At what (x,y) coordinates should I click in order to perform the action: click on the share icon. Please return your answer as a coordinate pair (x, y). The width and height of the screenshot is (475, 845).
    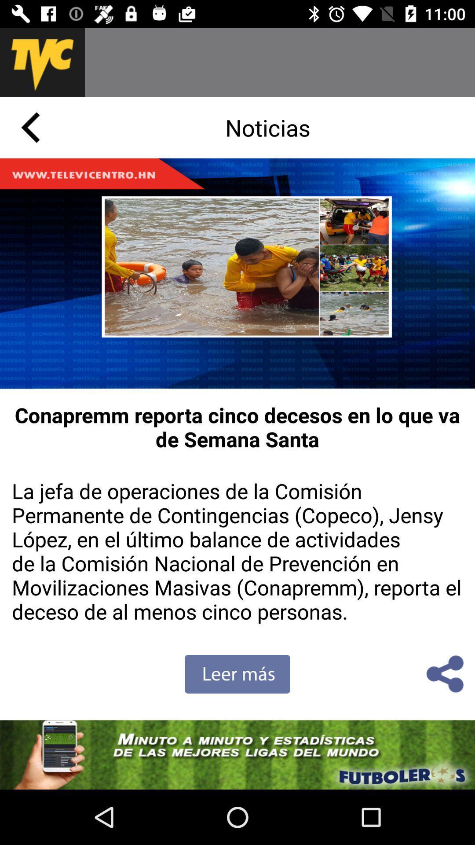
    Looking at the image, I should click on (450, 673).